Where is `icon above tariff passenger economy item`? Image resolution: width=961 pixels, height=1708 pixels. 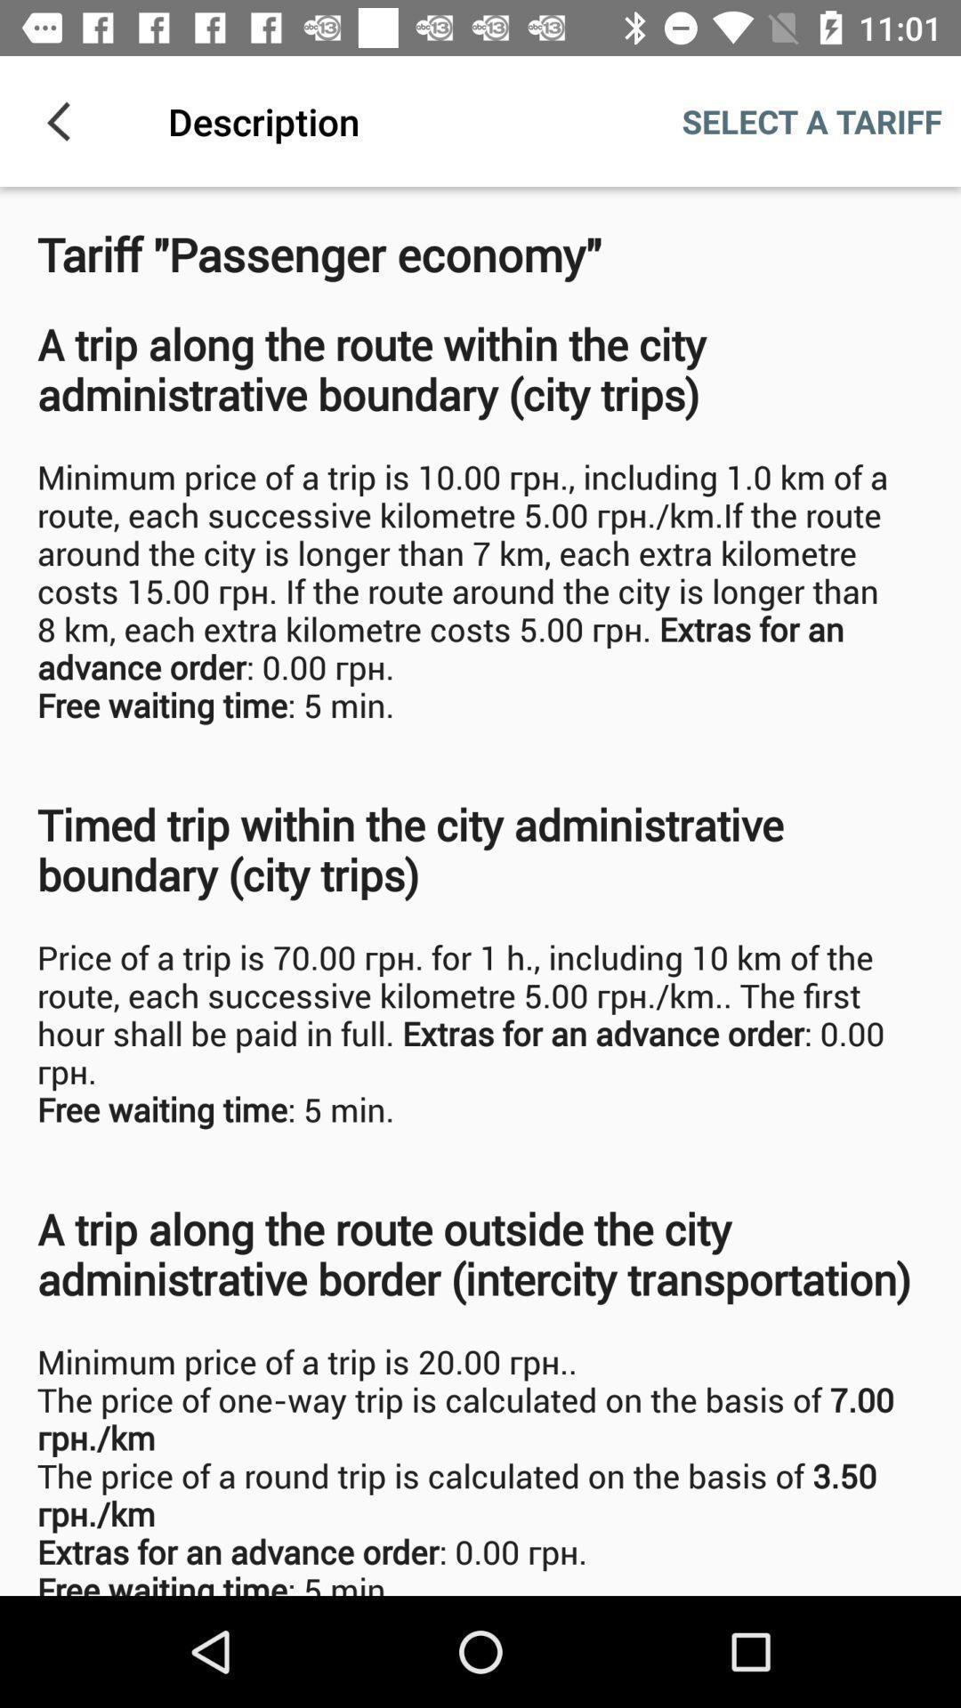
icon above tariff passenger economy item is located at coordinates (64, 120).